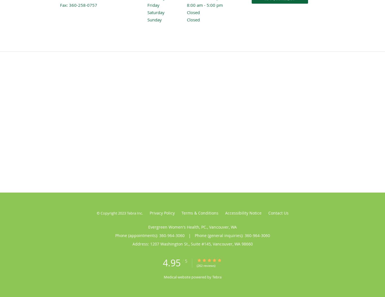 This screenshot has width=385, height=297. I want to click on '4.95', so click(171, 262).